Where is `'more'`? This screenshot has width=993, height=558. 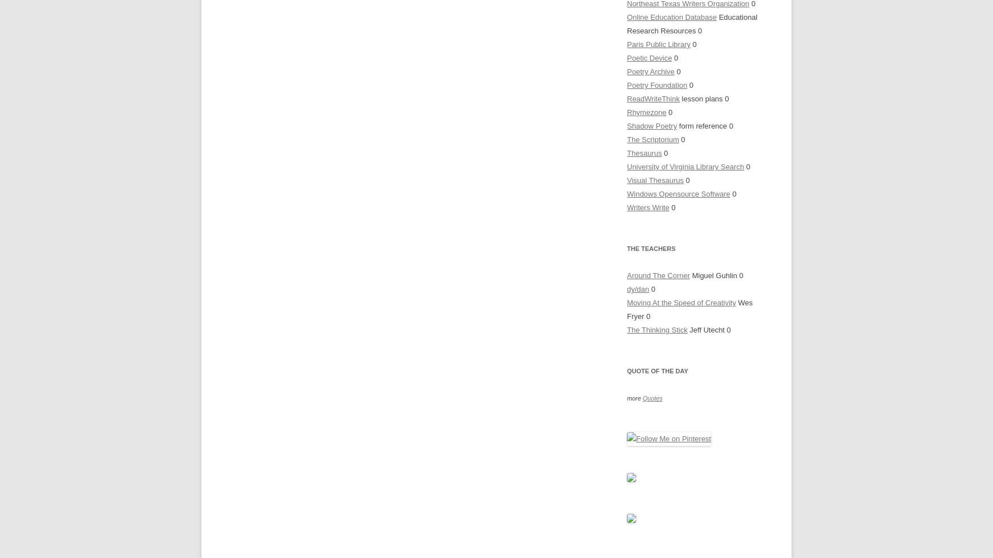 'more' is located at coordinates (634, 398).